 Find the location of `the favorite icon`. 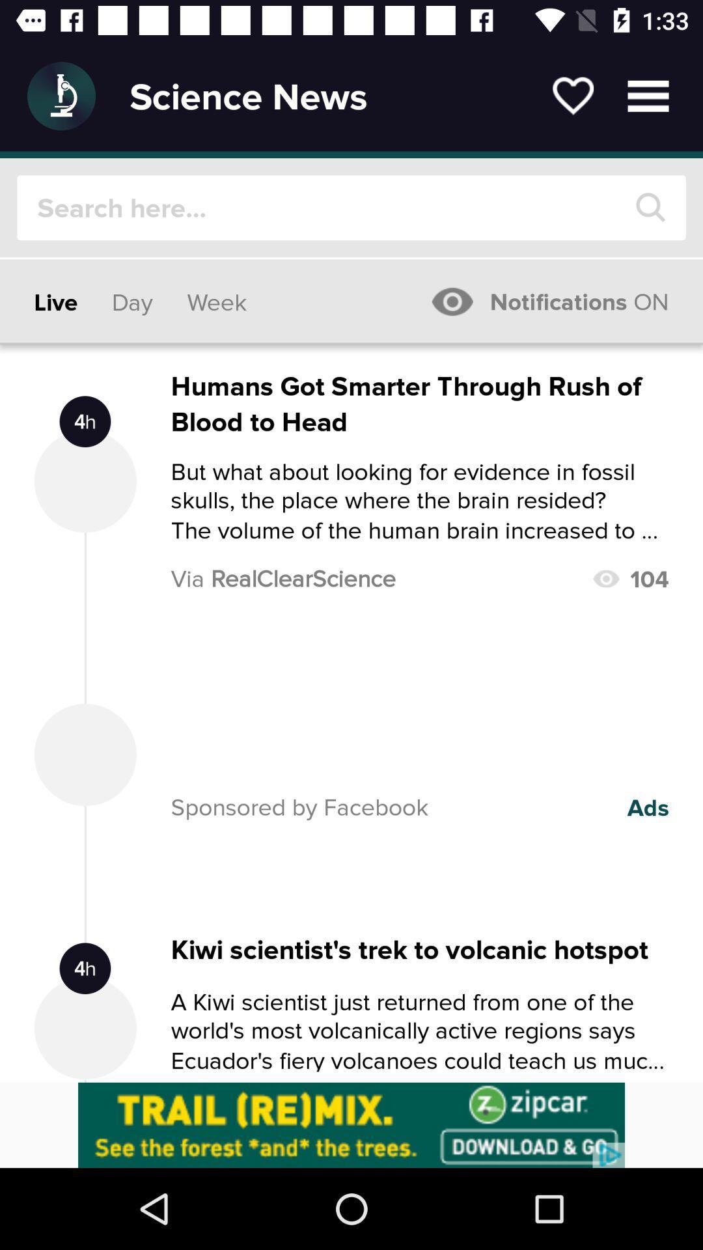

the favorite icon is located at coordinates (572, 95).